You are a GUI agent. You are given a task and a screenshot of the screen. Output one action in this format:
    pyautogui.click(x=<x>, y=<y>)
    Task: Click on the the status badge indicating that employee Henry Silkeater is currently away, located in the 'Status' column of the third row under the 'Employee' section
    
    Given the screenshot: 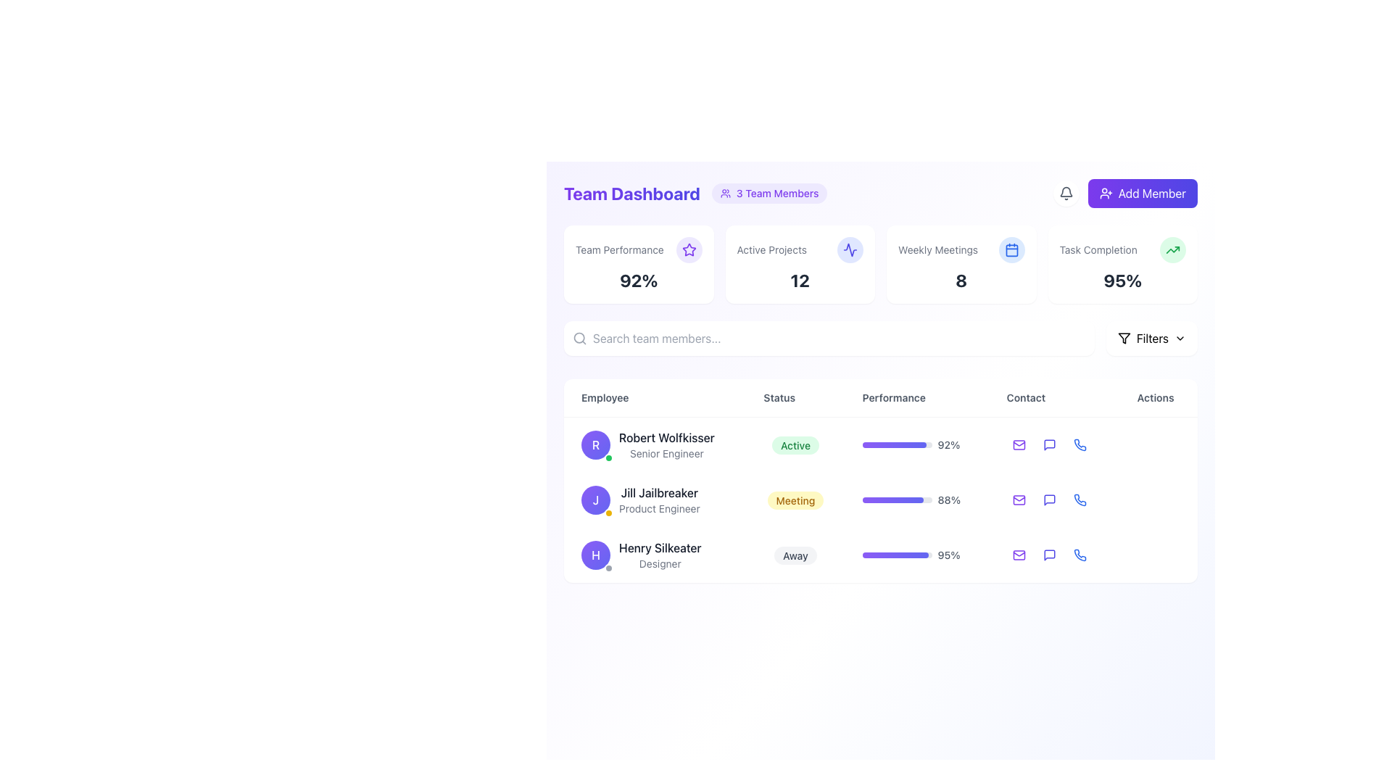 What is the action you would take?
    pyautogui.click(x=795, y=555)
    